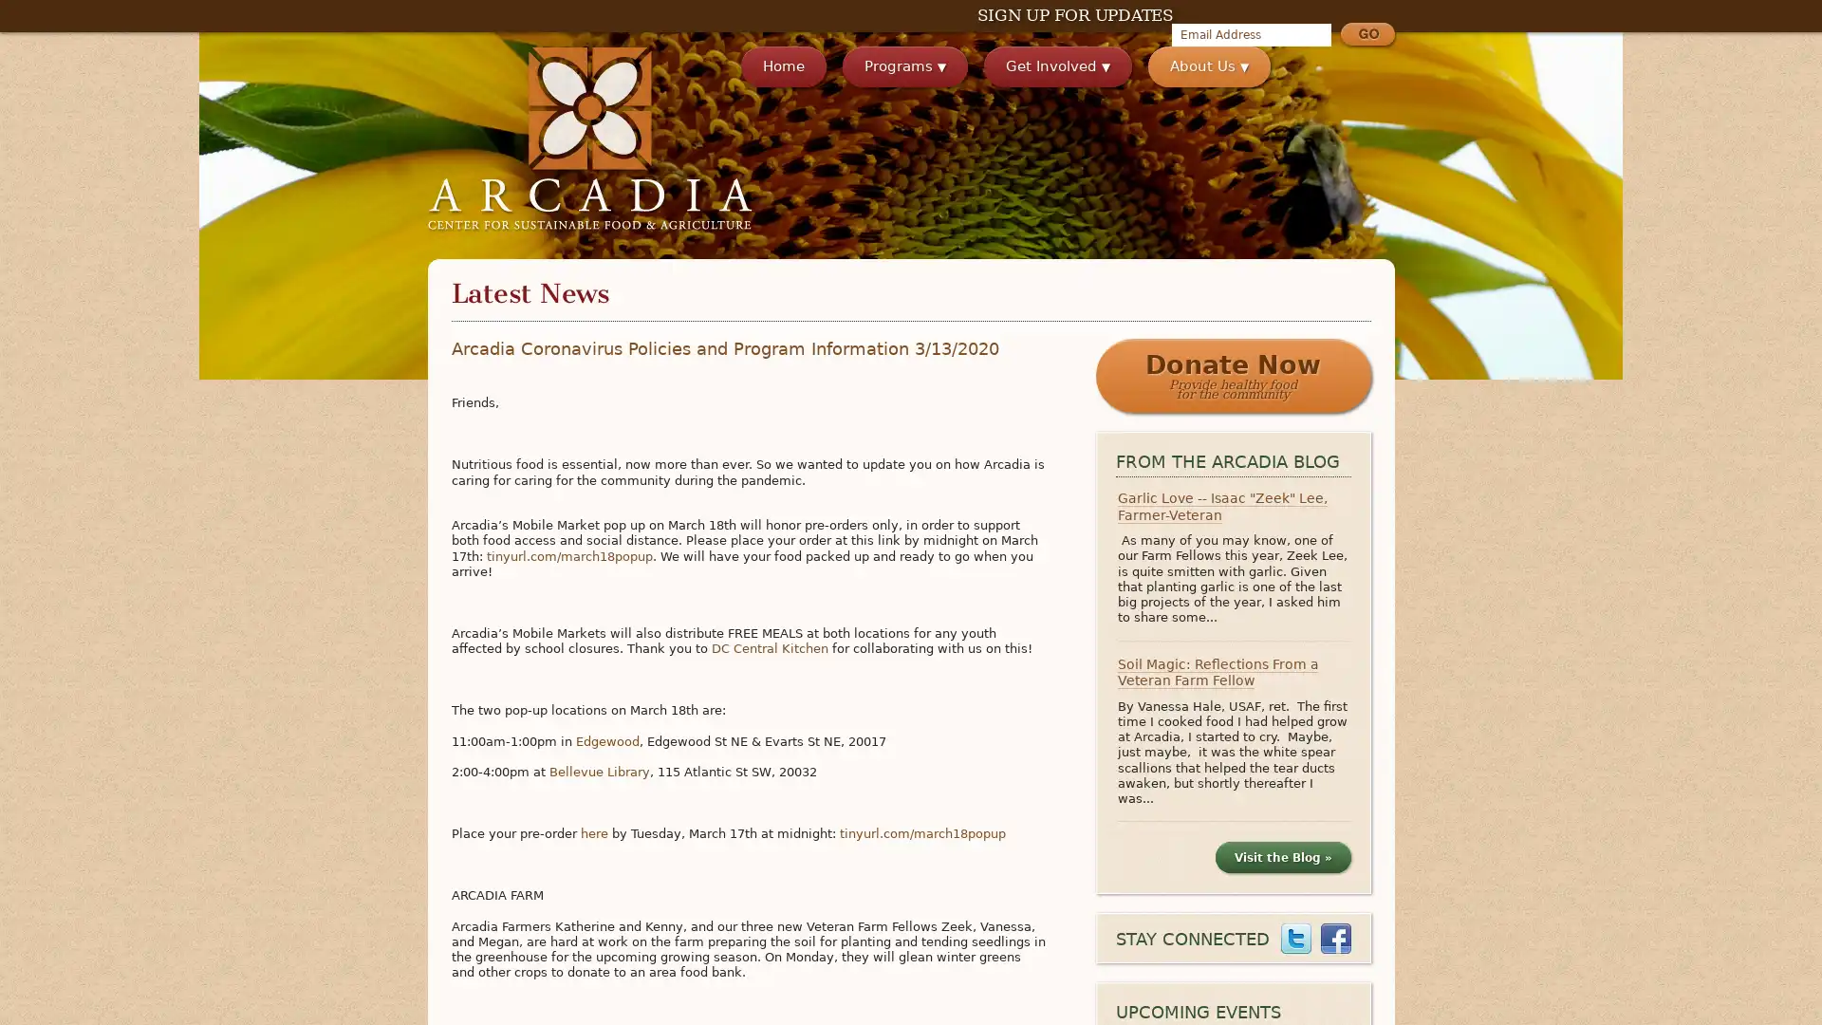 The height and width of the screenshot is (1025, 1822). I want to click on Submit, so click(1366, 36).